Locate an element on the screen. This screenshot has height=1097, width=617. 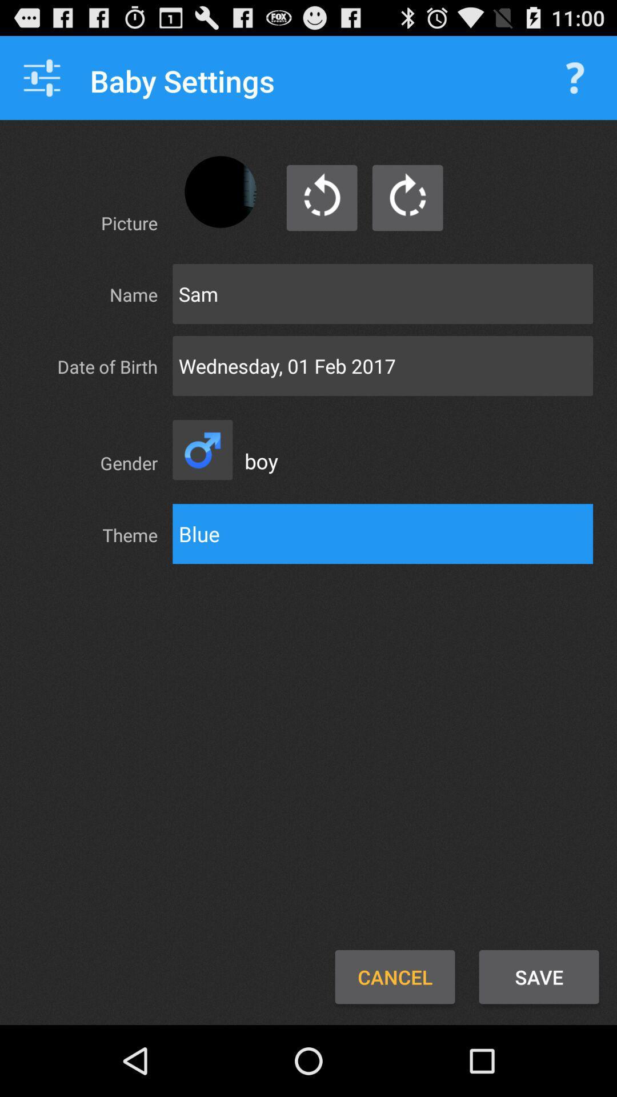
flip picture clockwise is located at coordinates (407, 198).